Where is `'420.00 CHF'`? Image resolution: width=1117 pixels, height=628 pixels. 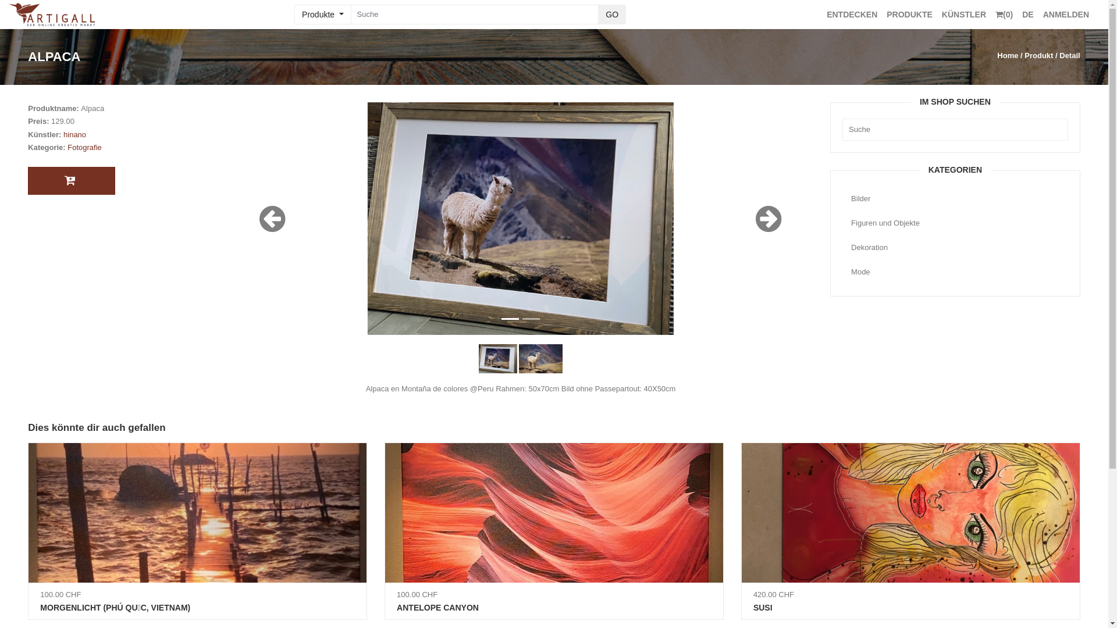 '420.00 CHF' is located at coordinates (910, 522).